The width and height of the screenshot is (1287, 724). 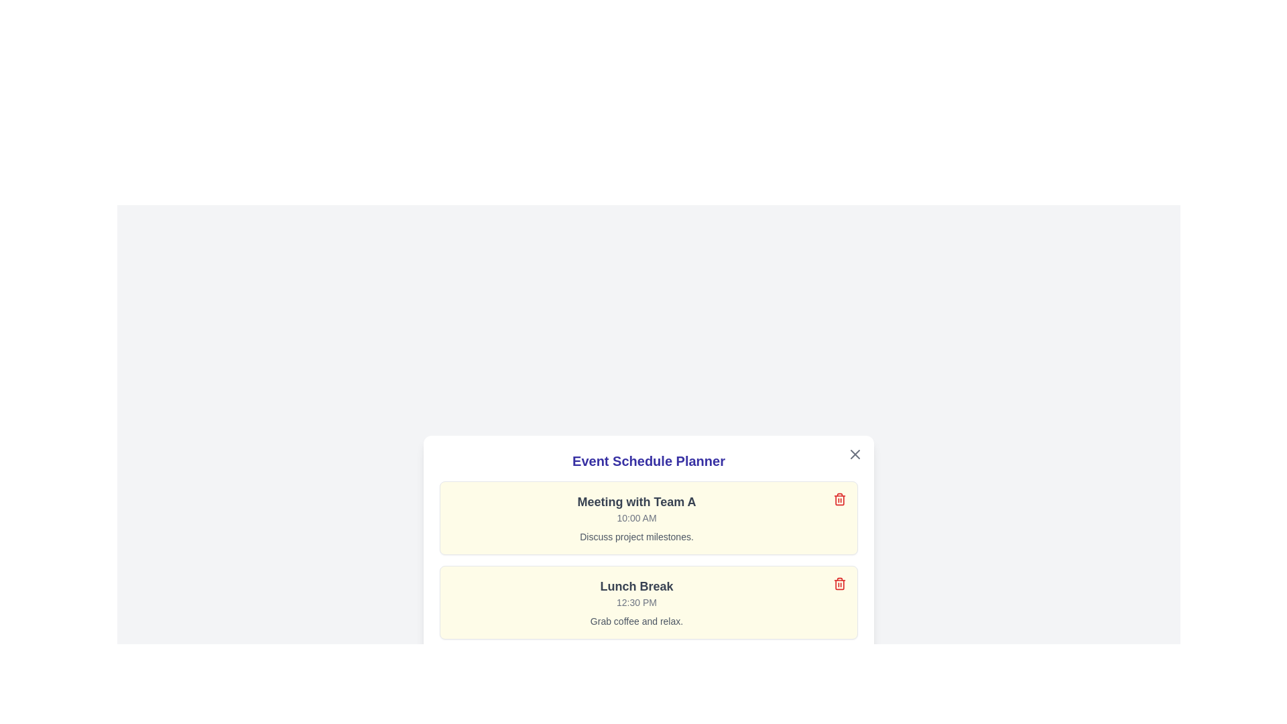 I want to click on the 'Save Schedule' button located on the toolbar at the bottom of the 'Event Schedule Planner' modal, so click(x=649, y=669).